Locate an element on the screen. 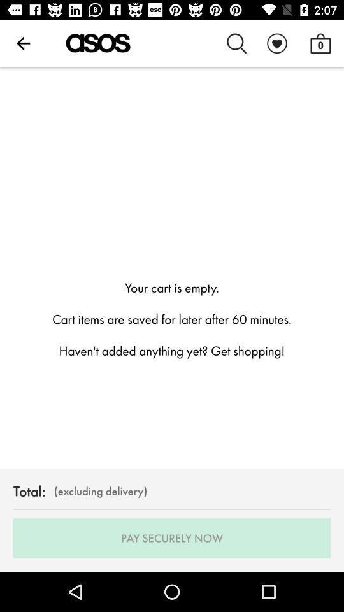 This screenshot has width=344, height=612. the 0 item is located at coordinates (320, 43).